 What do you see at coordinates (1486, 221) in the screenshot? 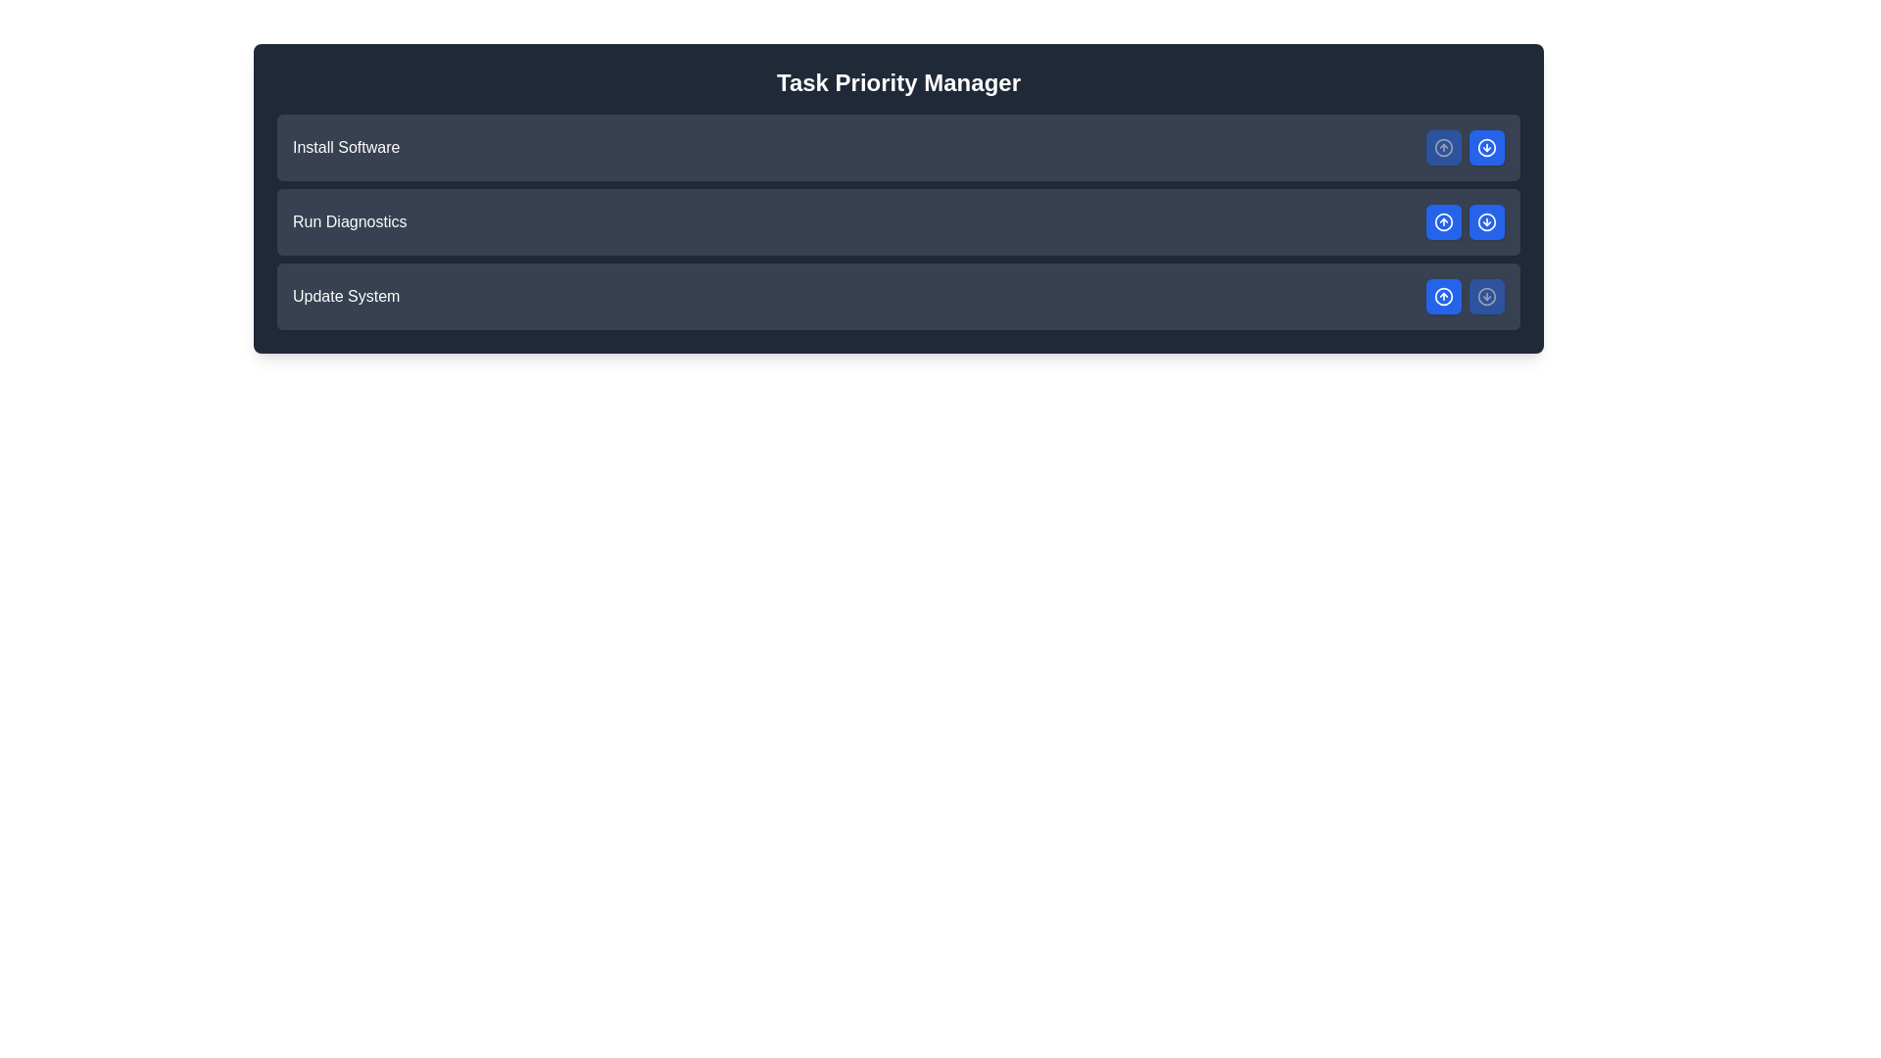
I see `the second button` at bounding box center [1486, 221].